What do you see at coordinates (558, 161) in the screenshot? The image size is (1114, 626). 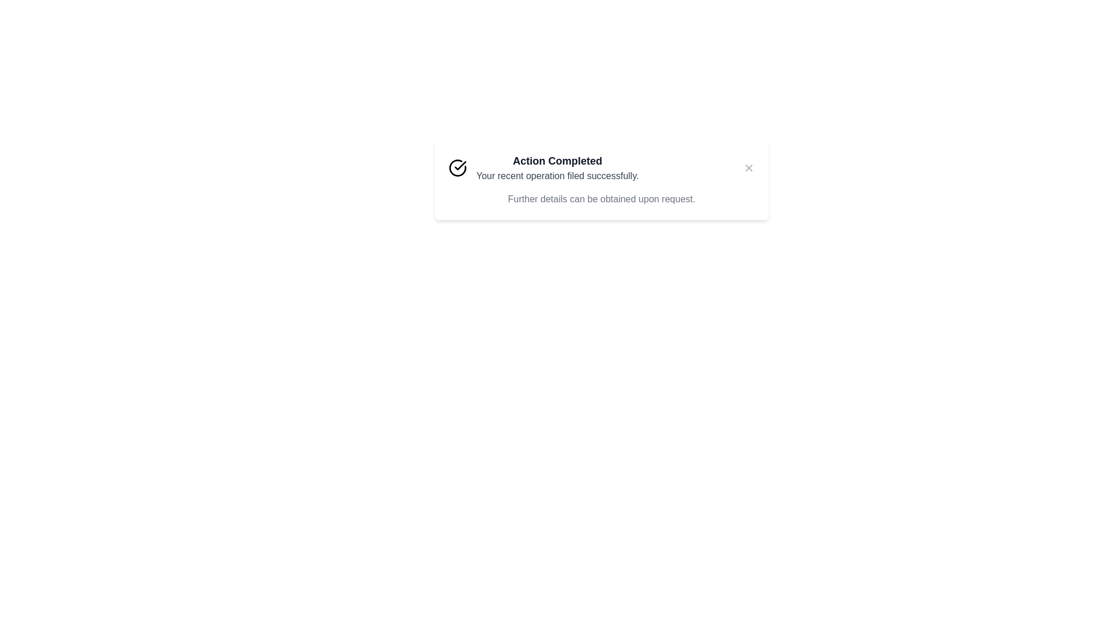 I see `the Text Label that indicates the successful completion of an action` at bounding box center [558, 161].